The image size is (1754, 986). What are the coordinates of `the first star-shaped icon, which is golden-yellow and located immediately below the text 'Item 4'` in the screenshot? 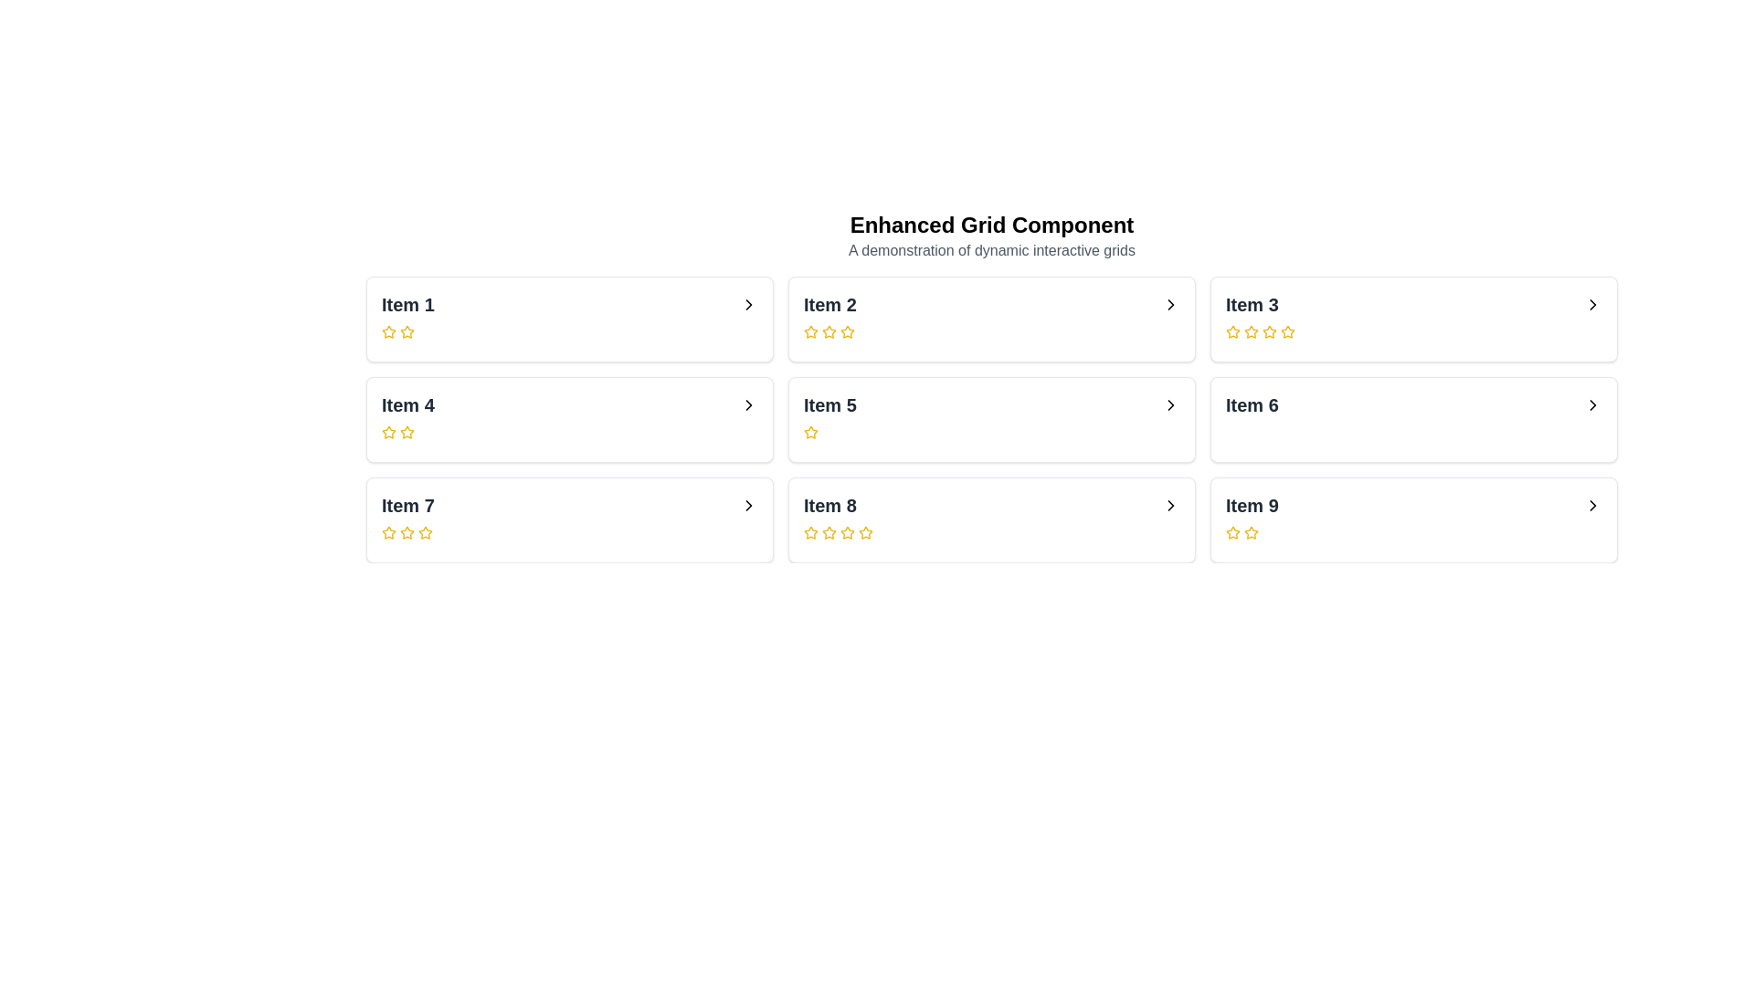 It's located at (388, 433).